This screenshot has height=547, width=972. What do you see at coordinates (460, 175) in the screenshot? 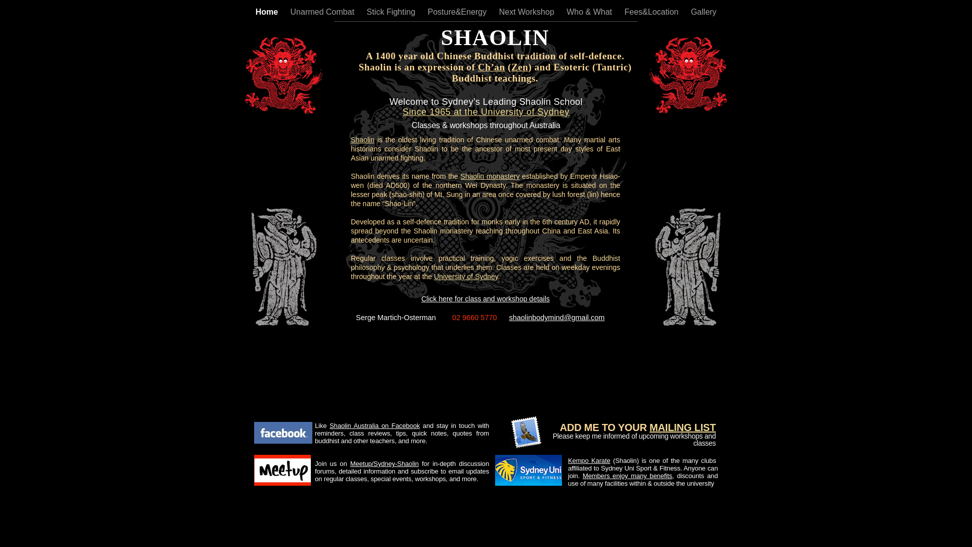
I see `'Shaolin monastery'` at bounding box center [460, 175].